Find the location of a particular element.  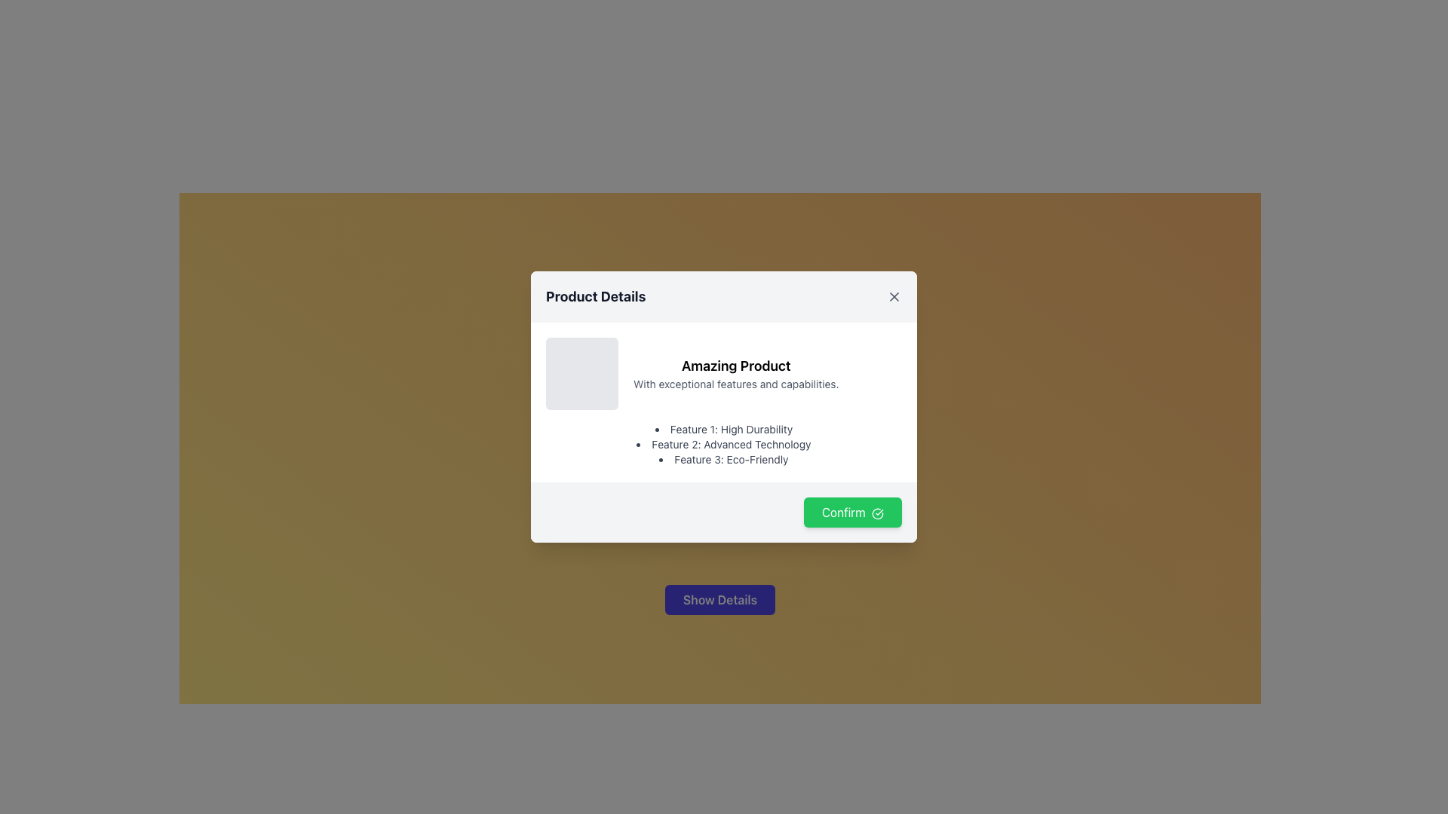

the Decorative Icon that resembles a checkmark inside a green circle, located within the 'Confirm' button at the bottom right corner of the modal dialog box is located at coordinates (877, 513).